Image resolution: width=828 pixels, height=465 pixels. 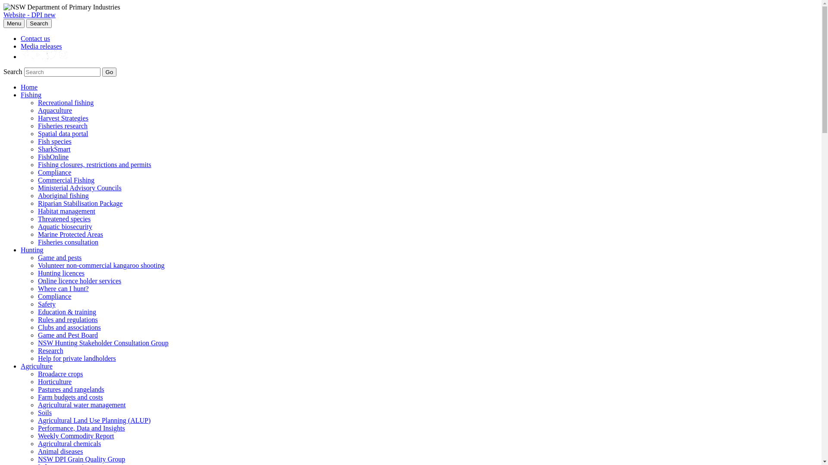 What do you see at coordinates (65, 102) in the screenshot?
I see `'Recreational fishing'` at bounding box center [65, 102].